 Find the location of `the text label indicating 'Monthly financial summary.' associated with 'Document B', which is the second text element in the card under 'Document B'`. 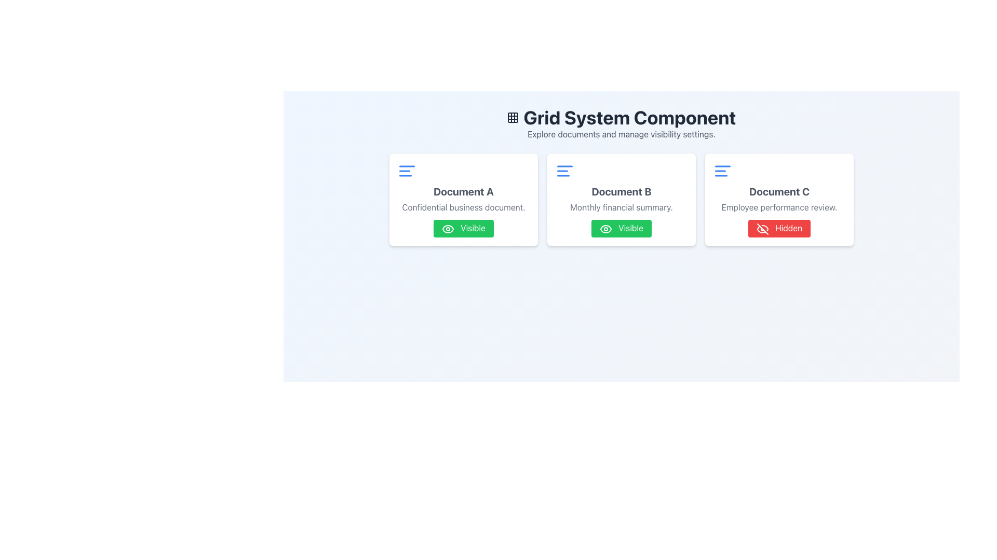

the text label indicating 'Monthly financial summary.' associated with 'Document B', which is the second text element in the card under 'Document B' is located at coordinates (621, 207).